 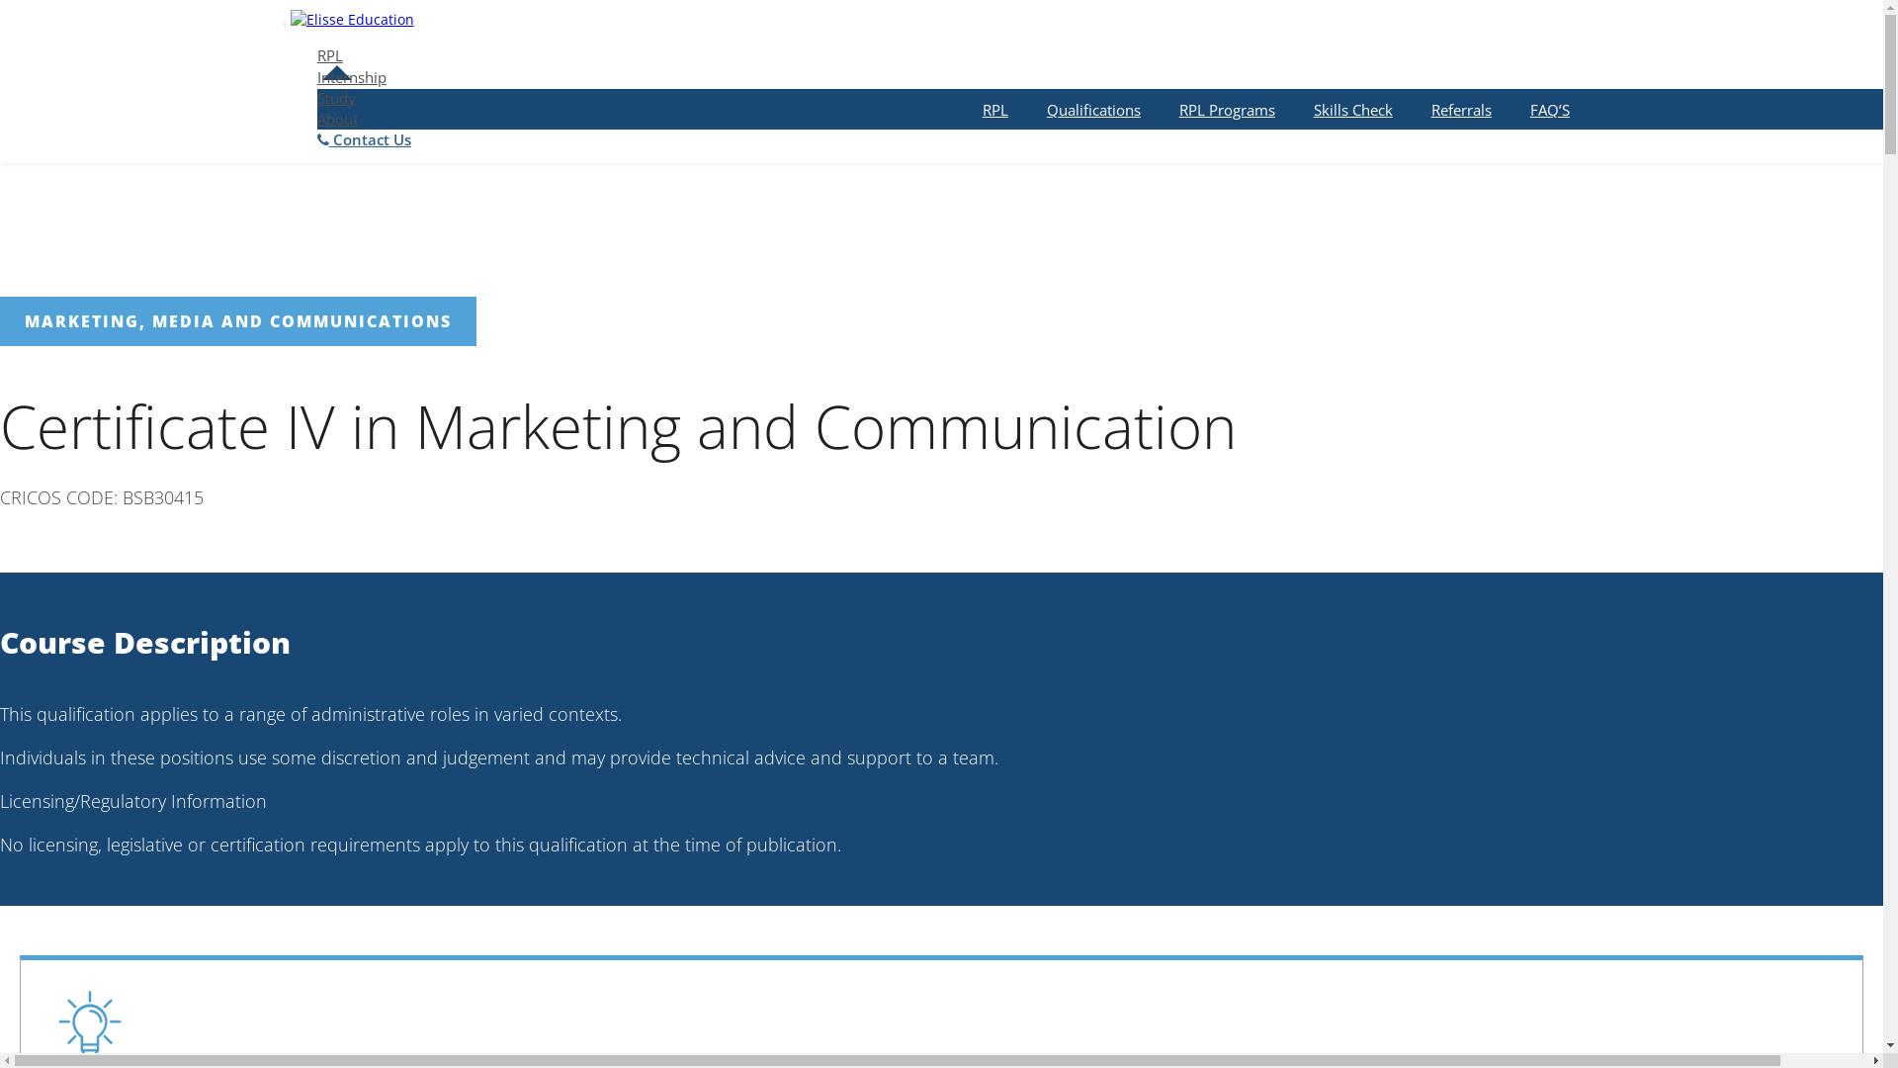 What do you see at coordinates (1351, 110) in the screenshot?
I see `'Skills Check'` at bounding box center [1351, 110].